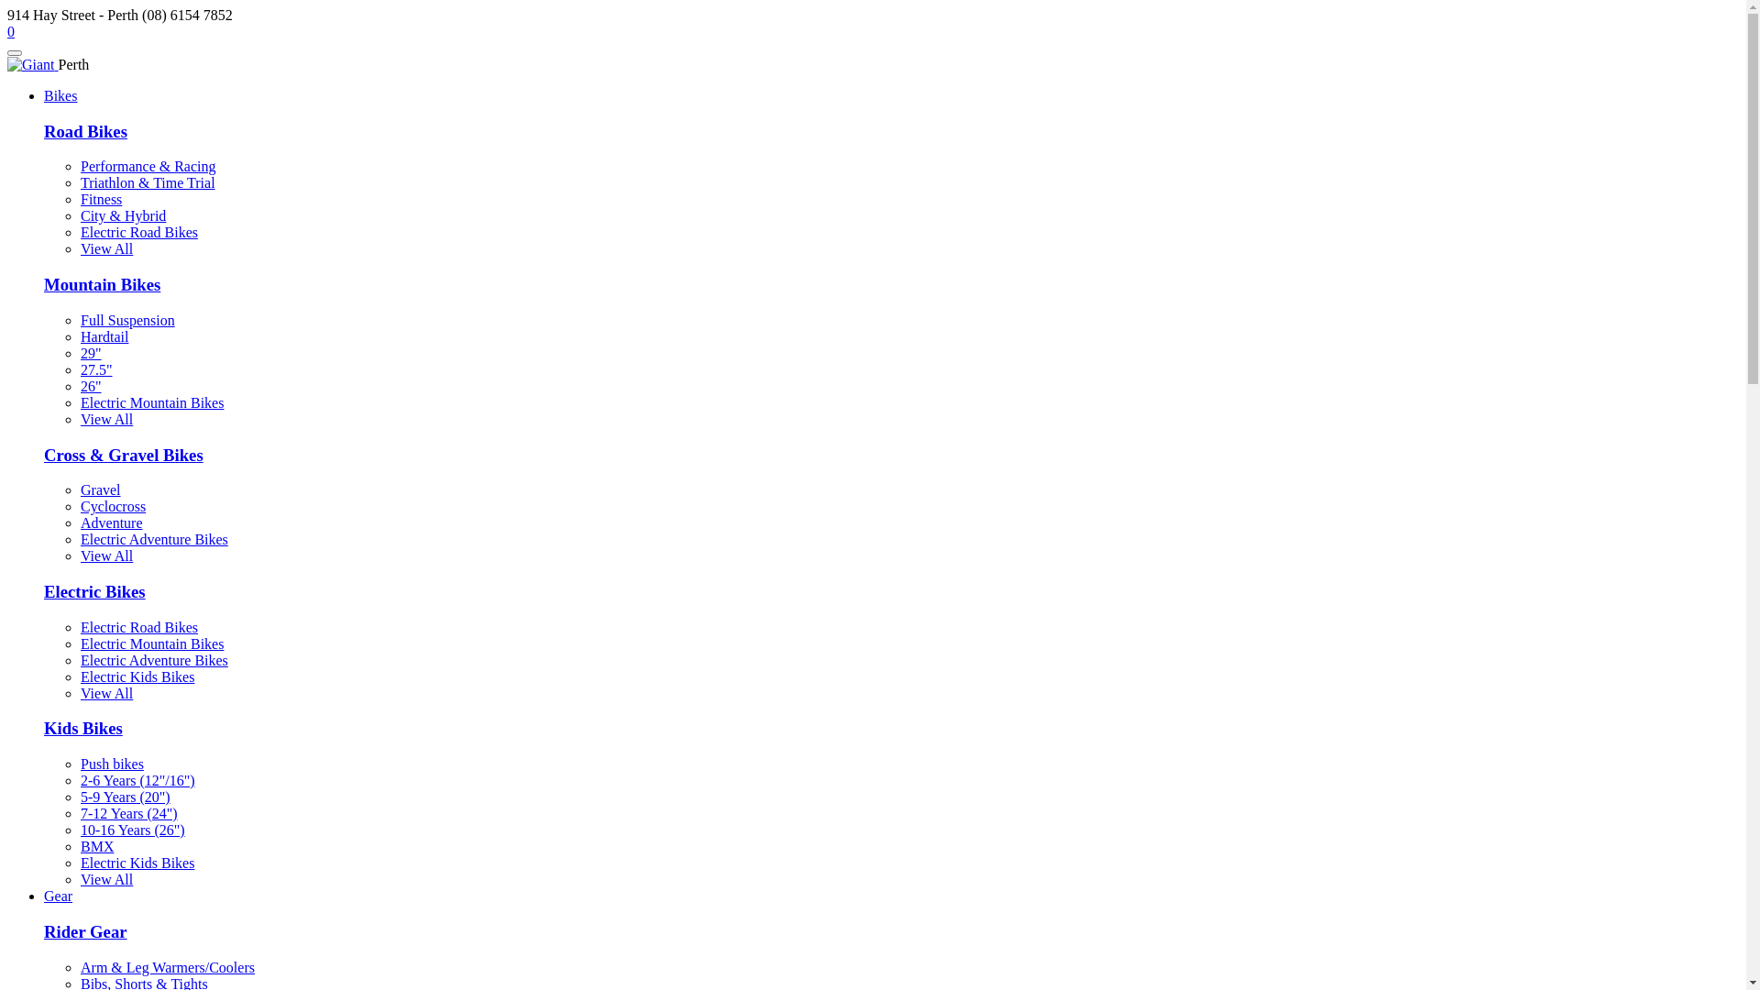 Image resolution: width=1760 pixels, height=990 pixels. What do you see at coordinates (148, 166) in the screenshot?
I see `'Performance & Racing'` at bounding box center [148, 166].